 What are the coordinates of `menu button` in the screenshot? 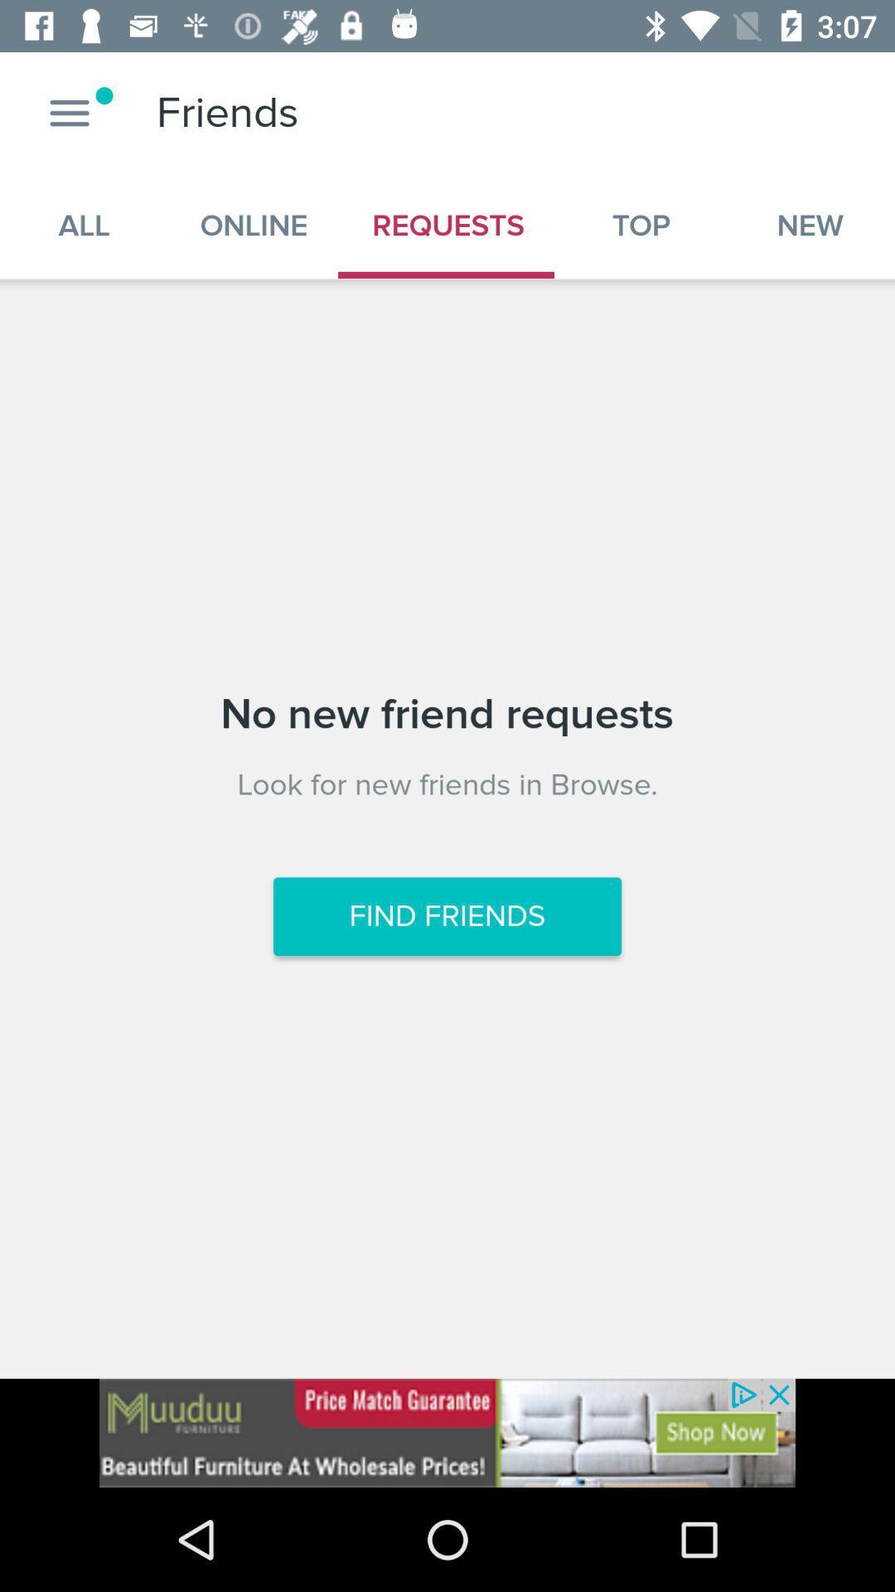 It's located at (69, 112).